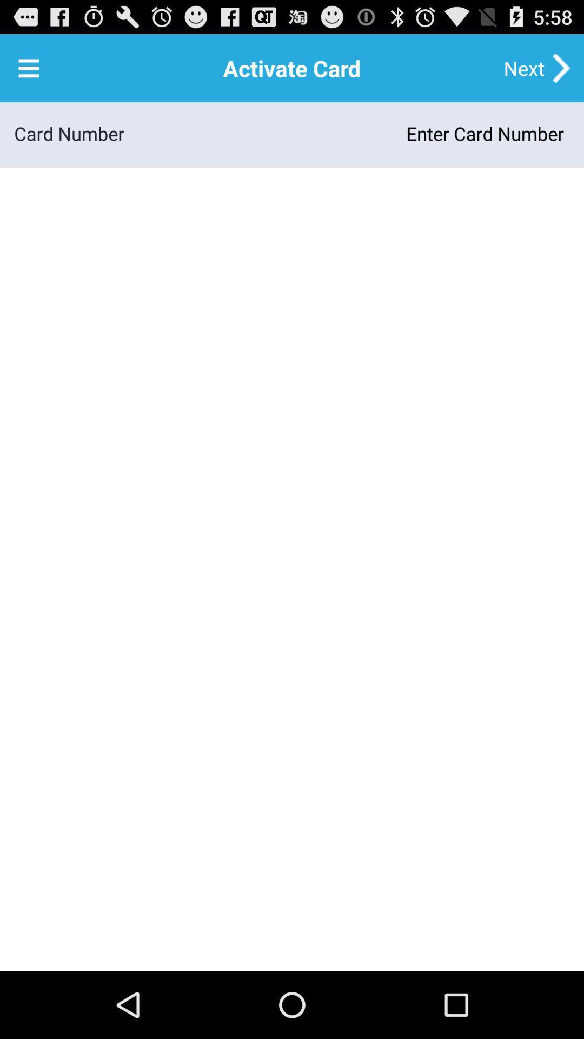 Image resolution: width=584 pixels, height=1039 pixels. What do you see at coordinates (28, 67) in the screenshot?
I see `the app above card number icon` at bounding box center [28, 67].